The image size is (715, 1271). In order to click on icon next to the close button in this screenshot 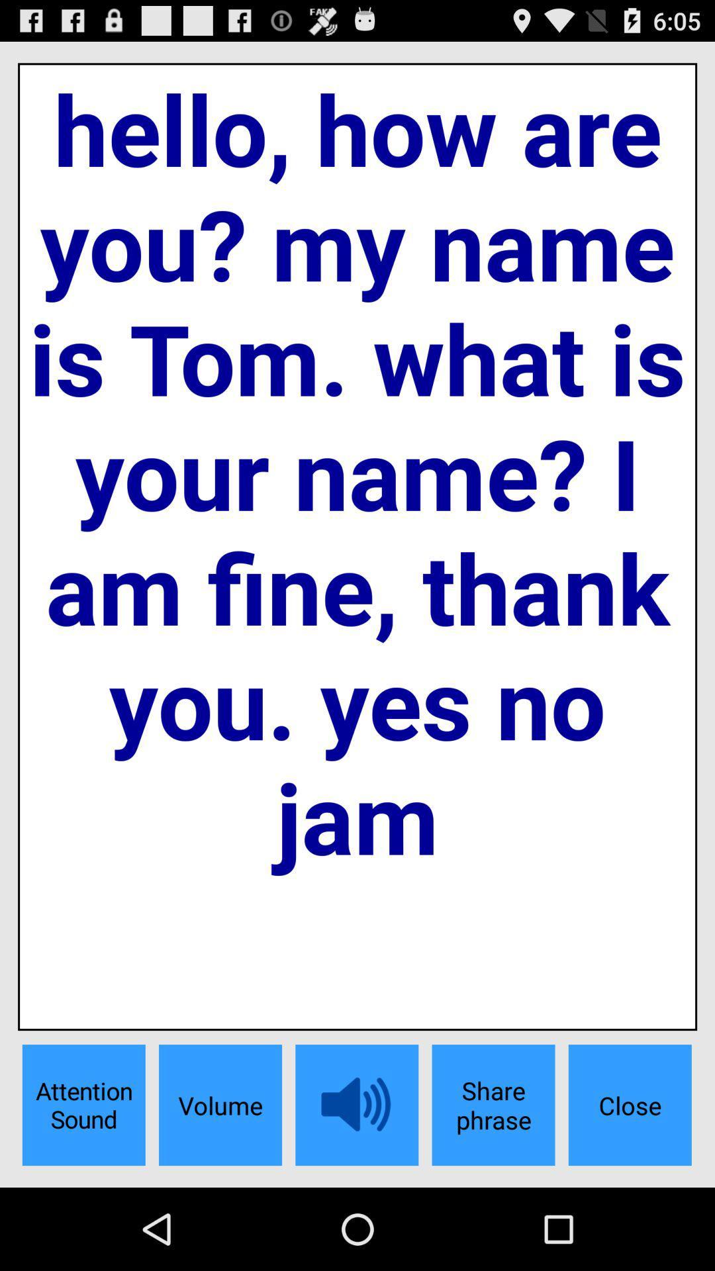, I will do `click(493, 1105)`.